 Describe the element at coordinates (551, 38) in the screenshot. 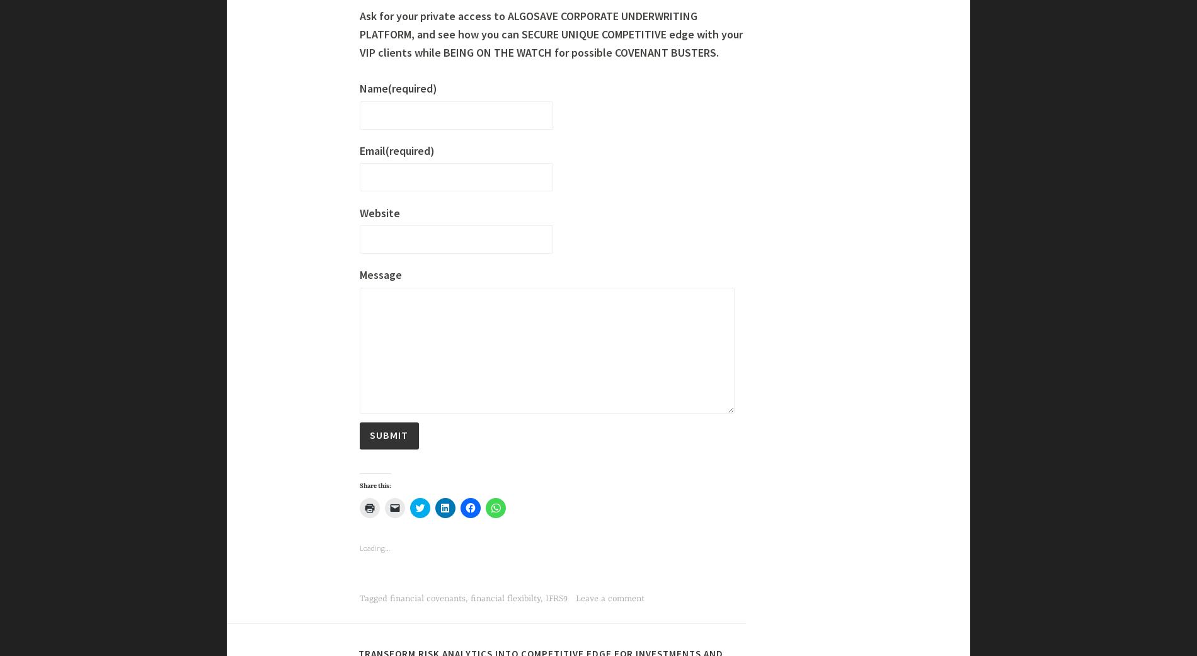

I see `'Beside gaining a competitive edge, knowing the probability of breaching covenant becomes critical to the P&L of IFRS-reporting Financial Institutions.'` at that location.